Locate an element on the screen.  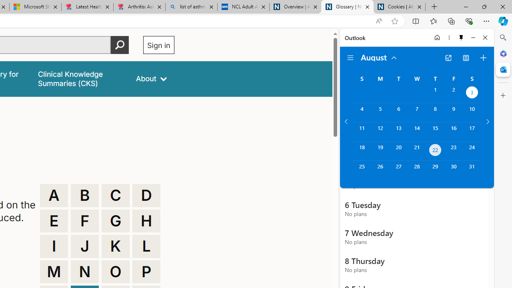
'Friday, August 30, 2024. ' is located at coordinates (454, 170).